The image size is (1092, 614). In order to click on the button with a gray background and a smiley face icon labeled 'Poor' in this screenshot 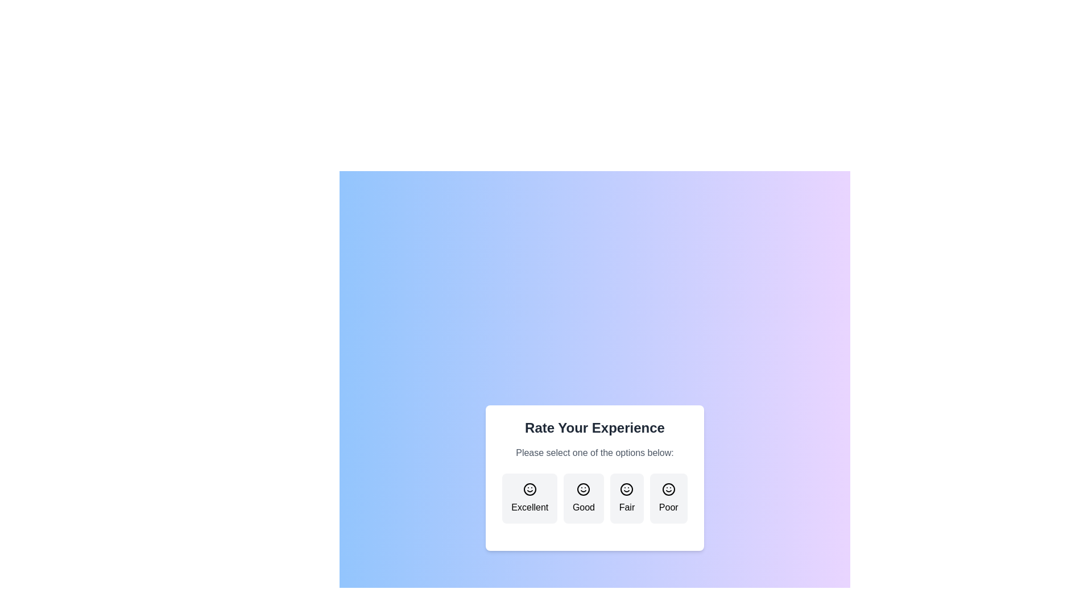, I will do `click(668, 497)`.